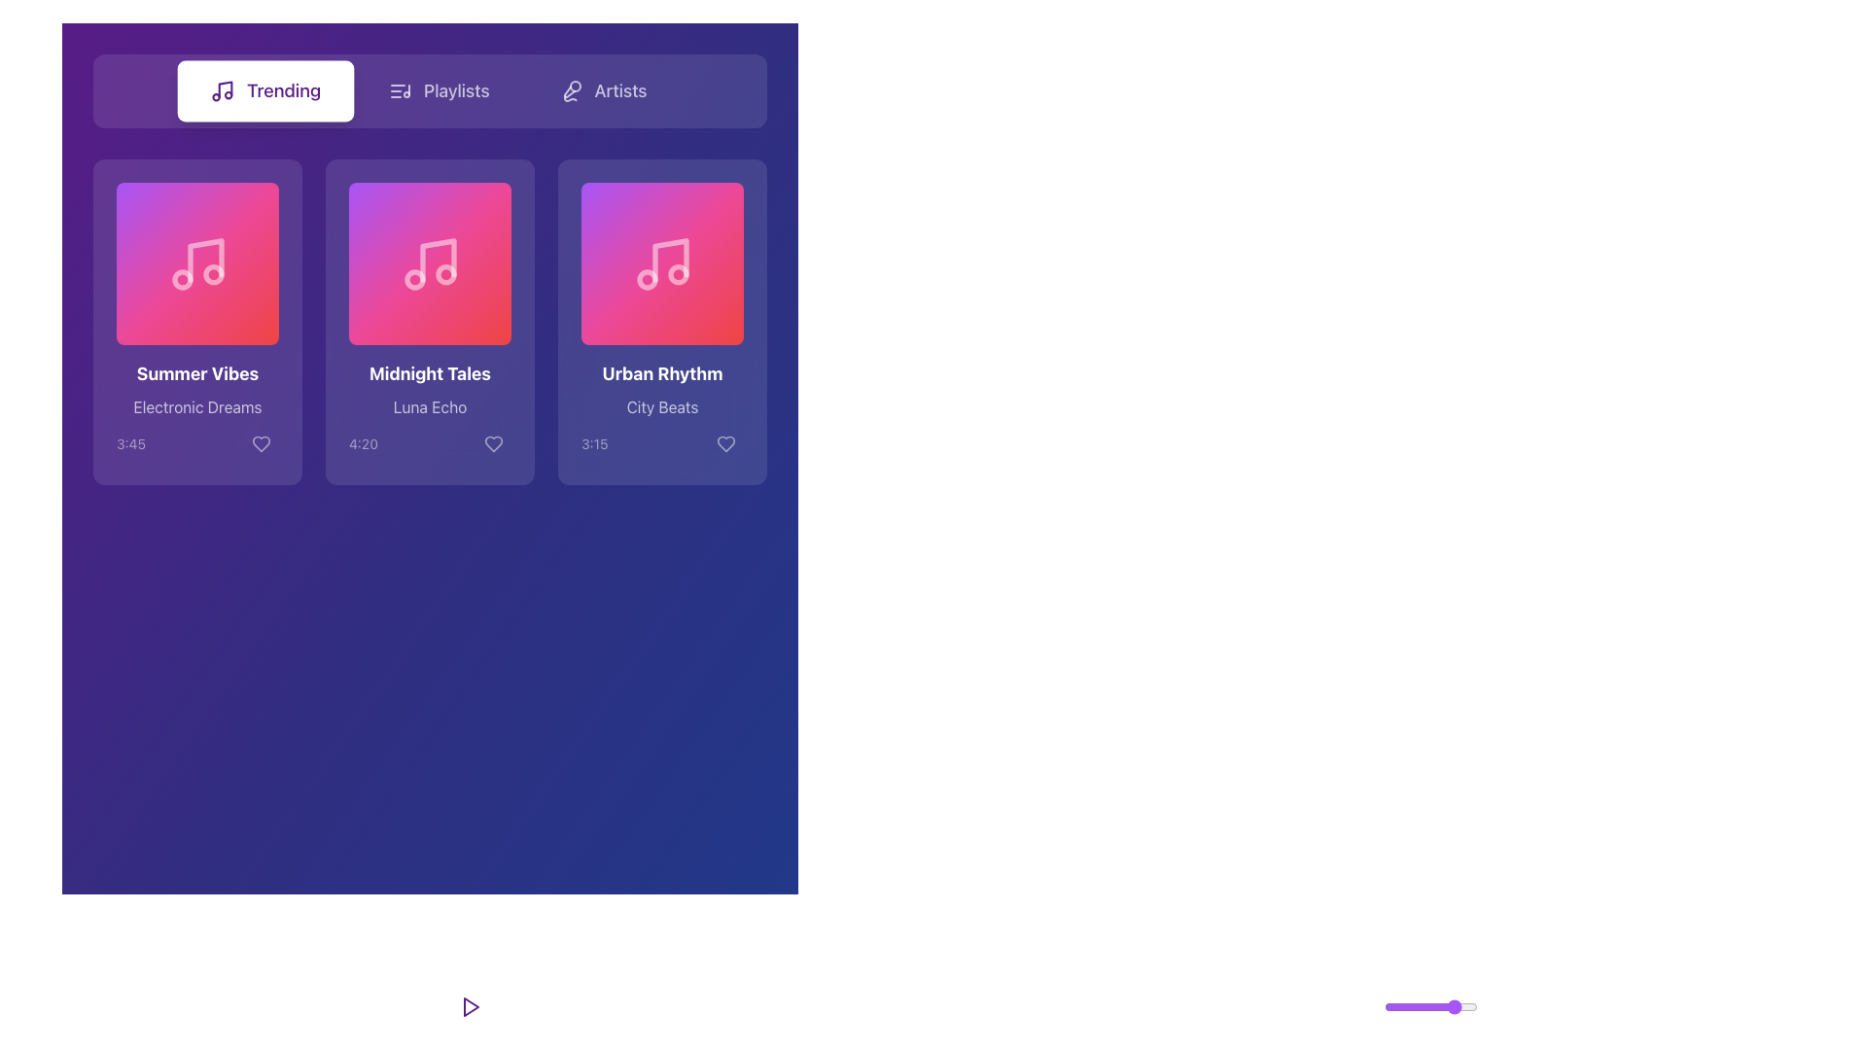  Describe the element at coordinates (437, 259) in the screenshot. I see `the musical piece icon located in the central component of the 'Midnight Tales' card, which is the second card in a horizontal row of three cards` at that location.